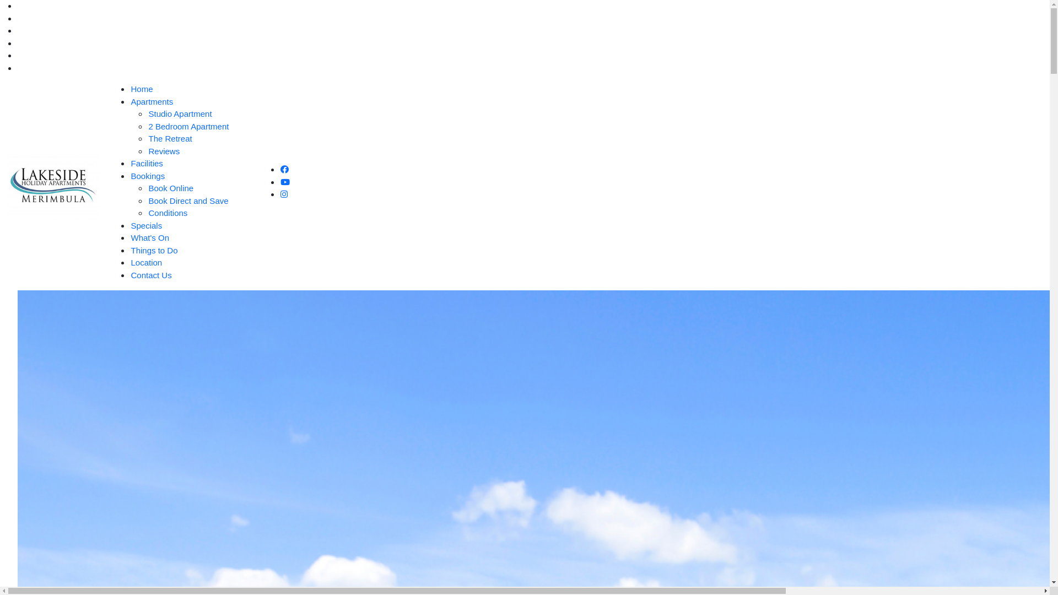 The width and height of the screenshot is (1058, 595). I want to click on 'Location', so click(145, 262).